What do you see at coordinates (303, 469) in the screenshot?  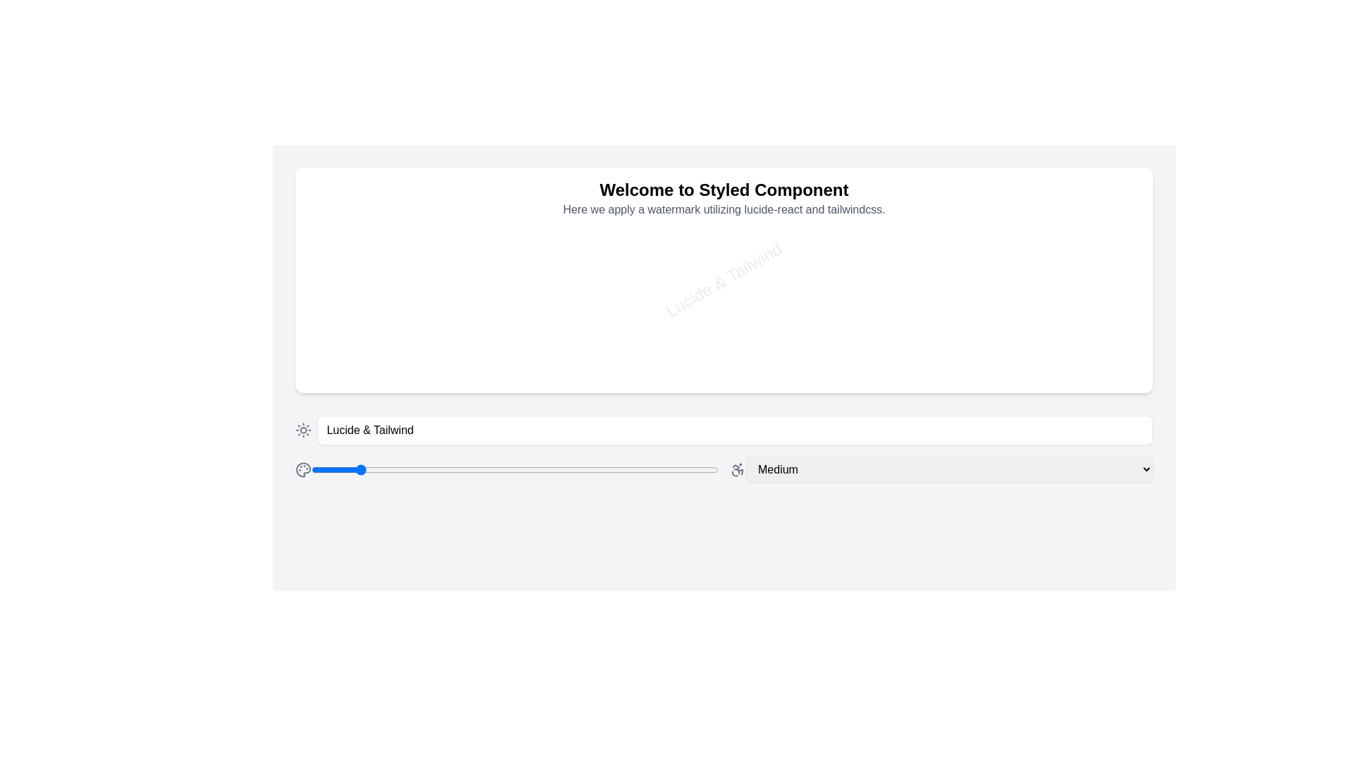 I see `the palette icon, which has a gray outline and small circles representing a paint palette` at bounding box center [303, 469].